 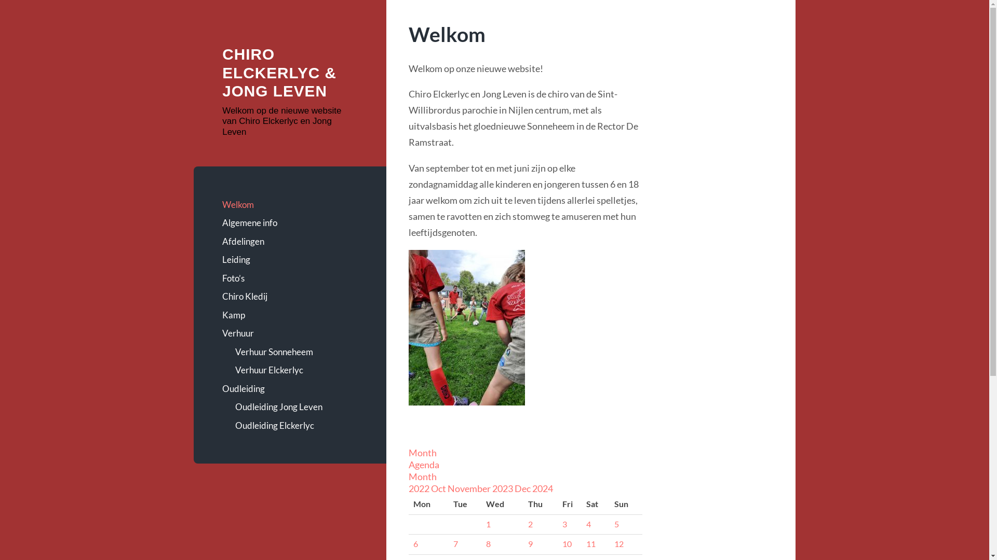 I want to click on 'Kamp', so click(x=289, y=315).